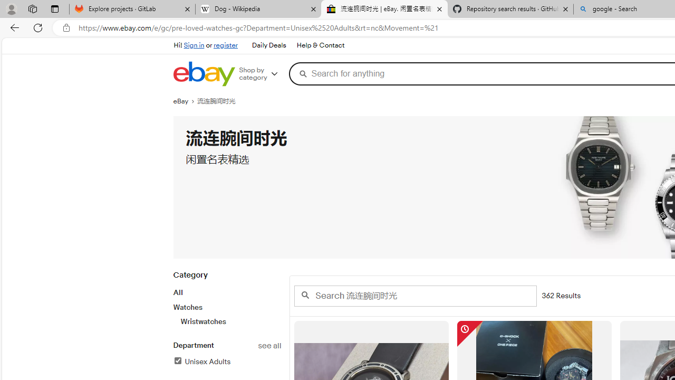 Image resolution: width=675 pixels, height=380 pixels. Describe the element at coordinates (258, 9) in the screenshot. I see `'Dog - Wikipedia'` at that location.